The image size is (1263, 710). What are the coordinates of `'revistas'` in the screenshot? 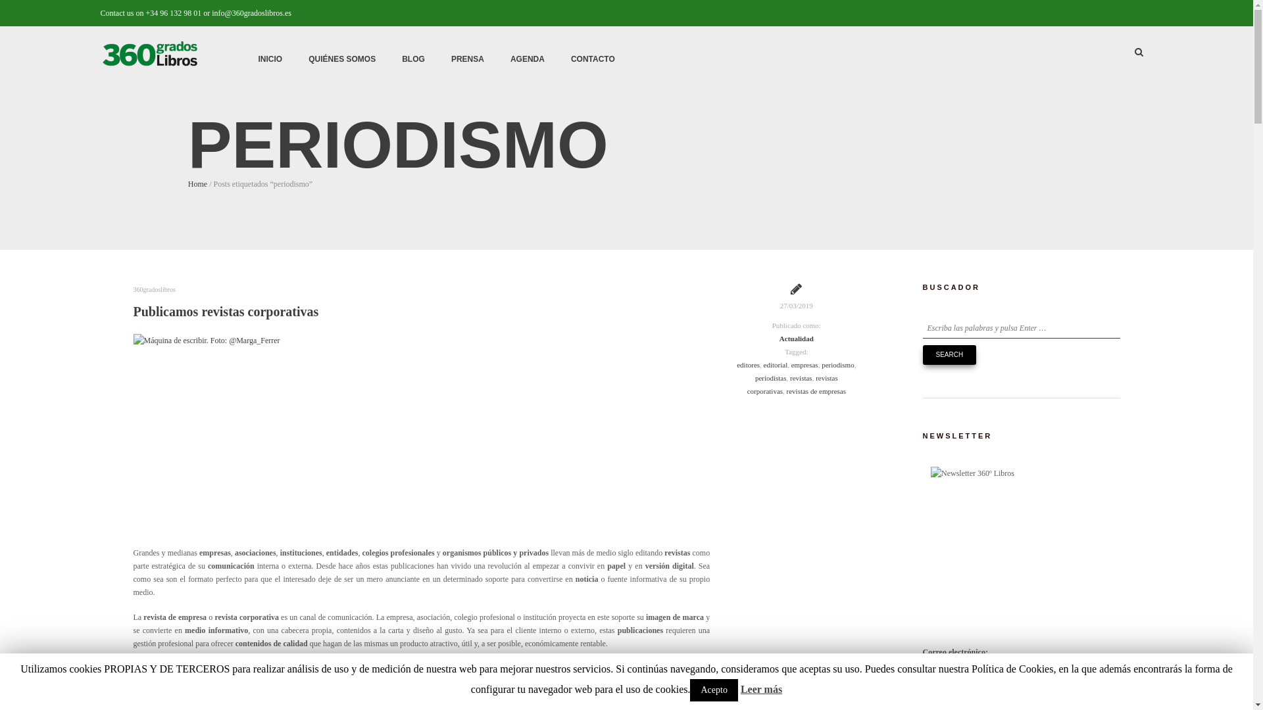 It's located at (801, 377).